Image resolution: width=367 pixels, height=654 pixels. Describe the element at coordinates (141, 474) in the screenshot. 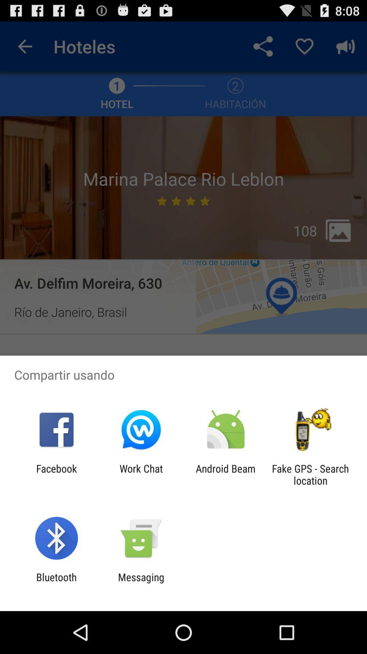

I see `the app next to the android beam icon` at that location.